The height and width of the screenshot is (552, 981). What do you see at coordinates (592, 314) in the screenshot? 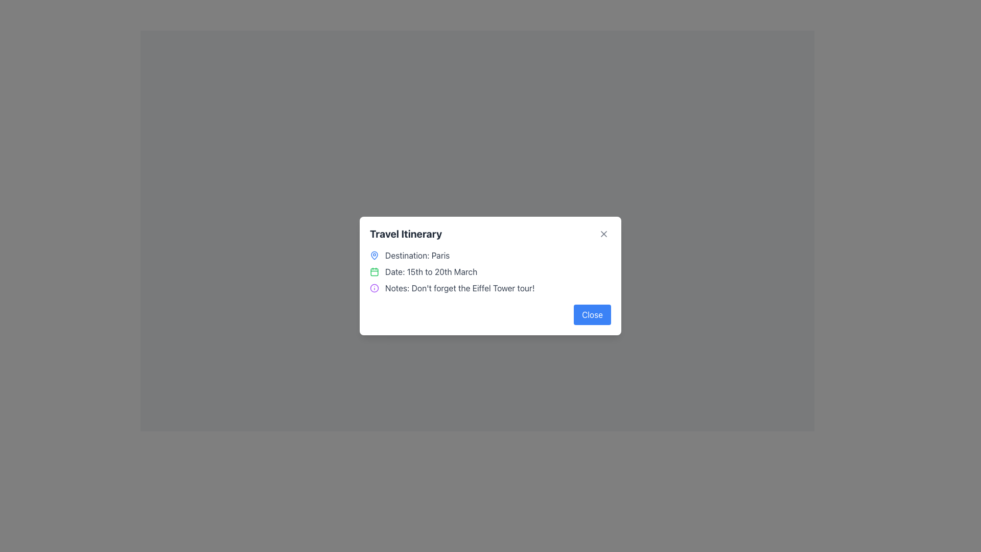
I see `the 'Close' button located at the bottom-right corner of the modal dialog to observe the hover styling effect (darker blue)` at bounding box center [592, 314].